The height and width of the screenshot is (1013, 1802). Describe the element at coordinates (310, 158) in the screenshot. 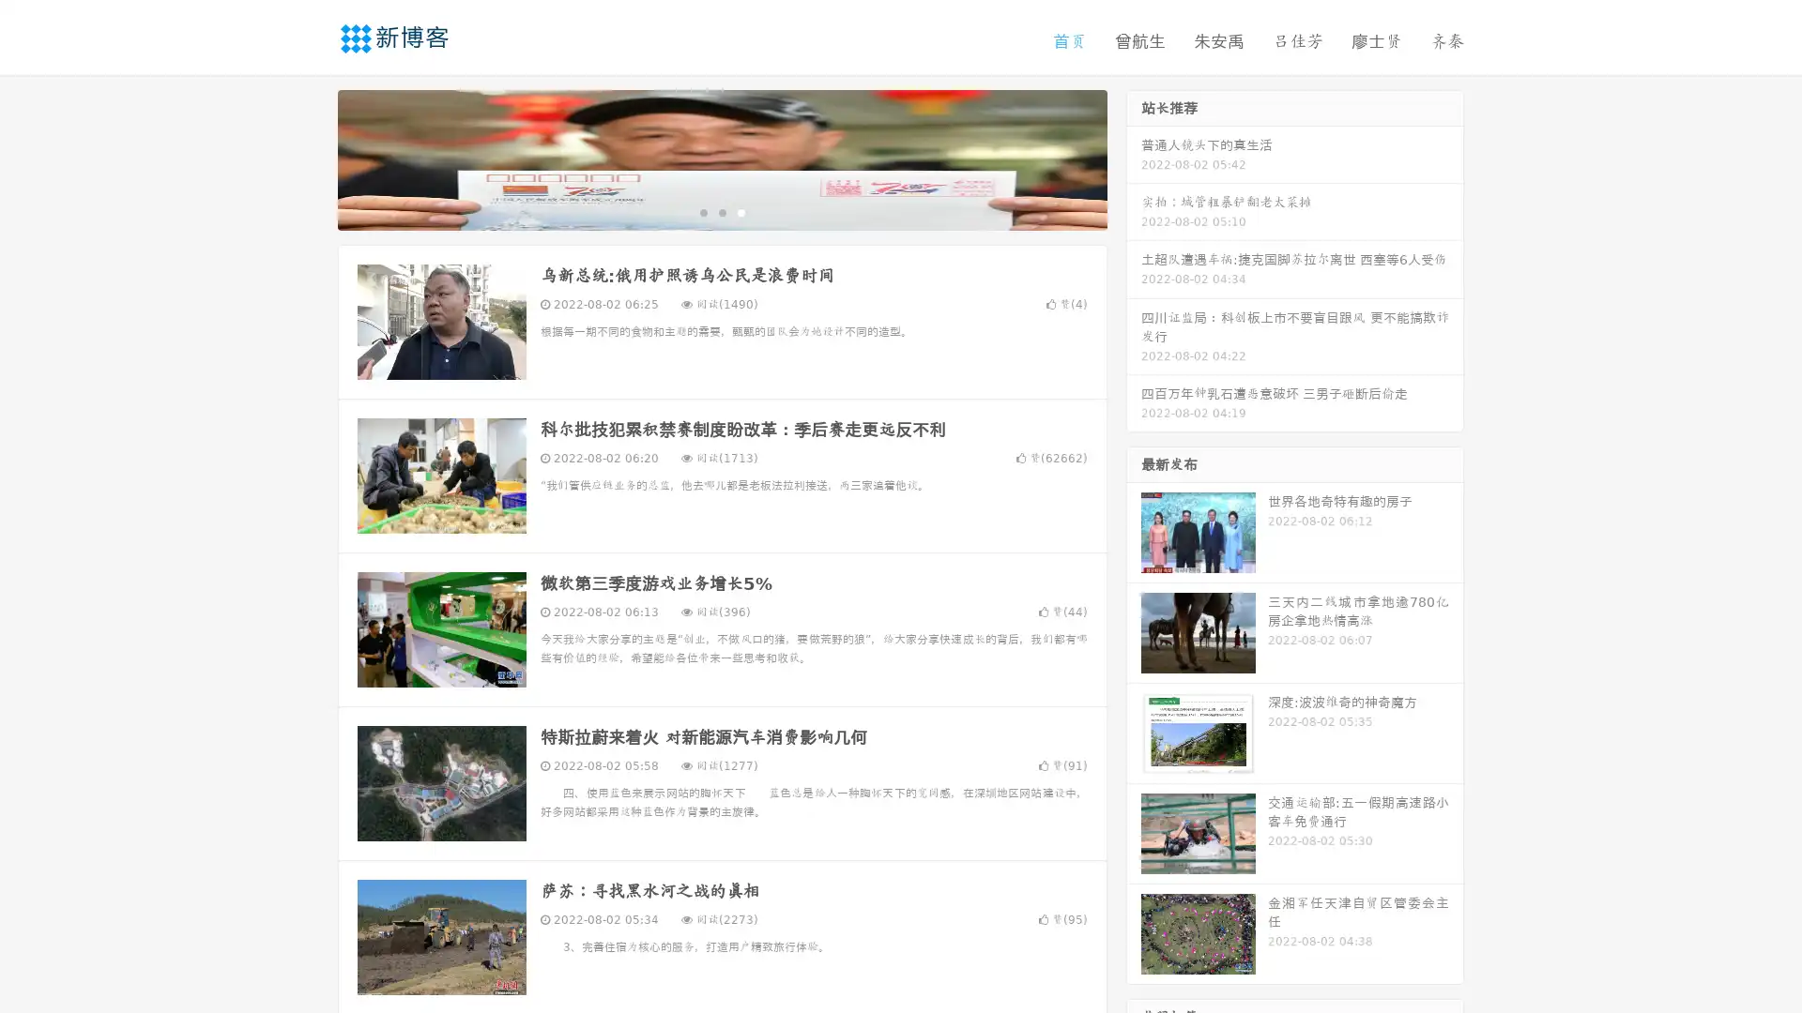

I see `Previous slide` at that location.